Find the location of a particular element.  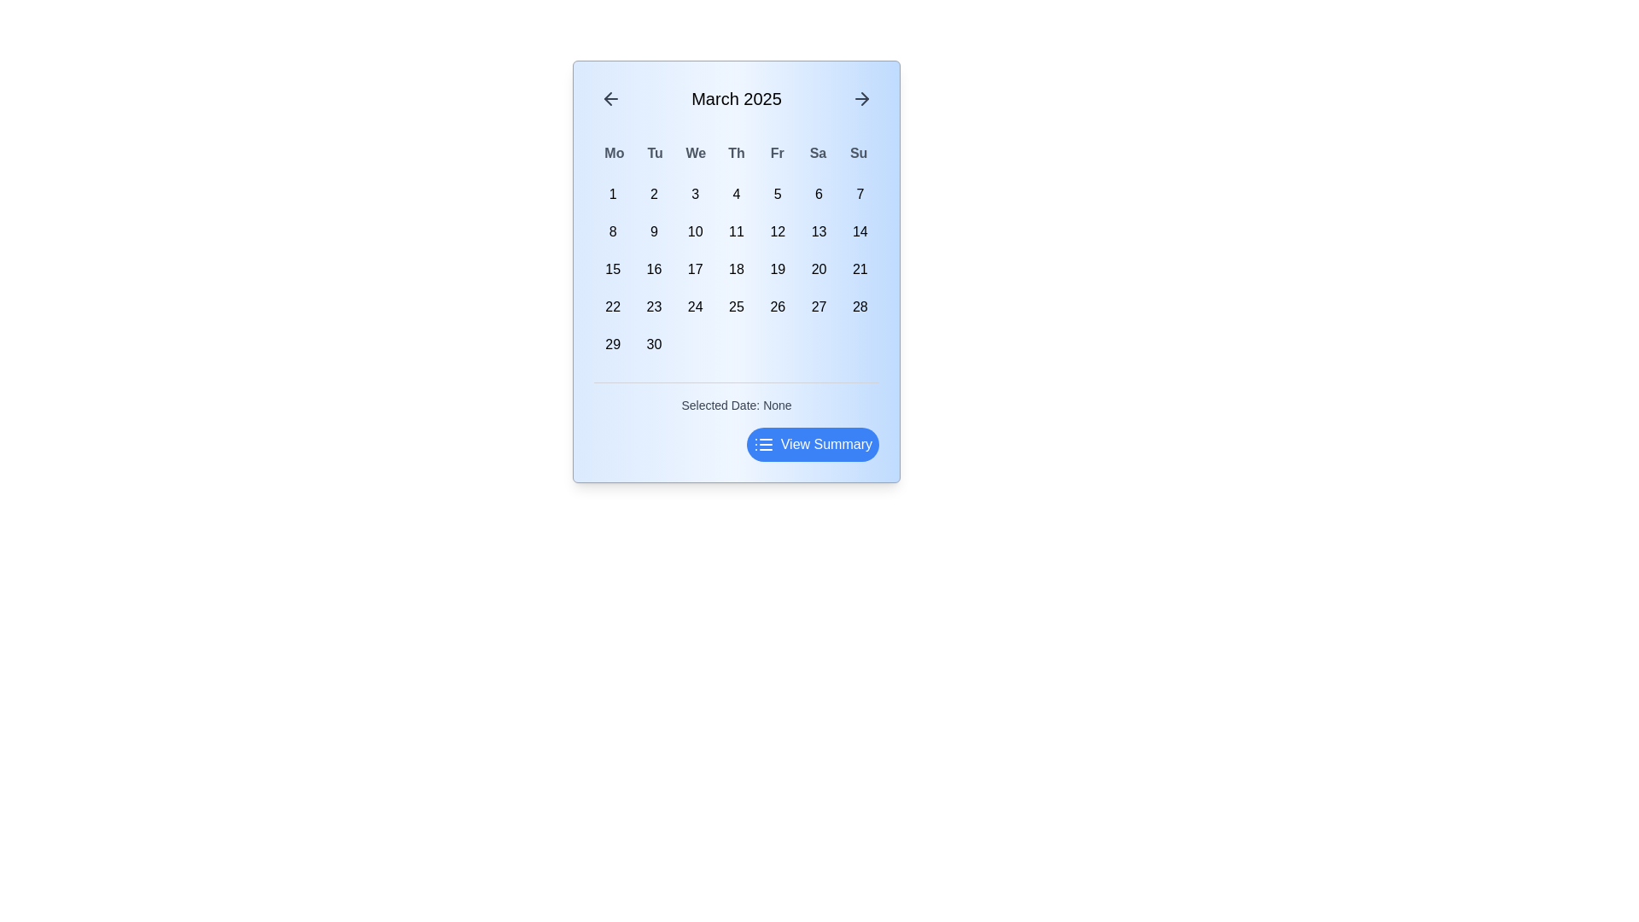

the selectable date button for the 15th day of the month in the calendar interface is located at coordinates (613, 269).